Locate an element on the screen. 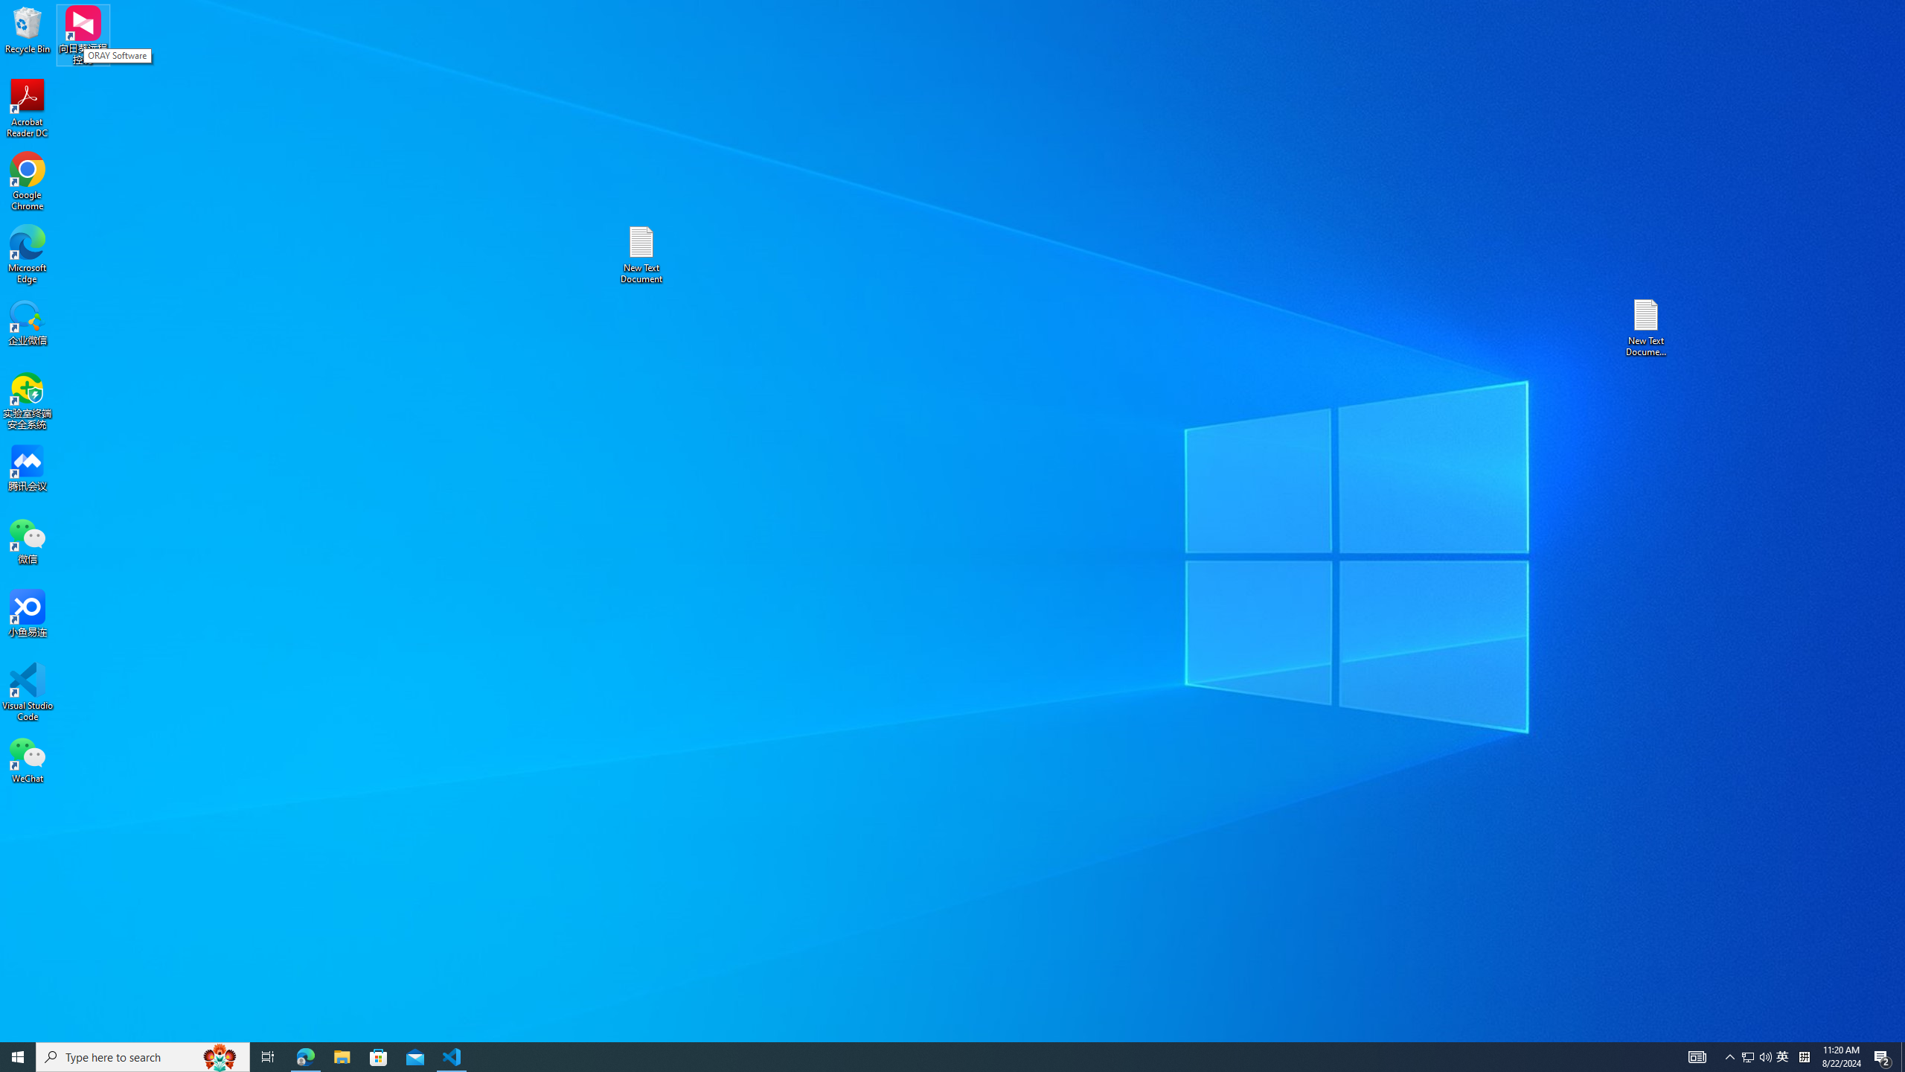  'Microsoft Edge' is located at coordinates (27, 254).